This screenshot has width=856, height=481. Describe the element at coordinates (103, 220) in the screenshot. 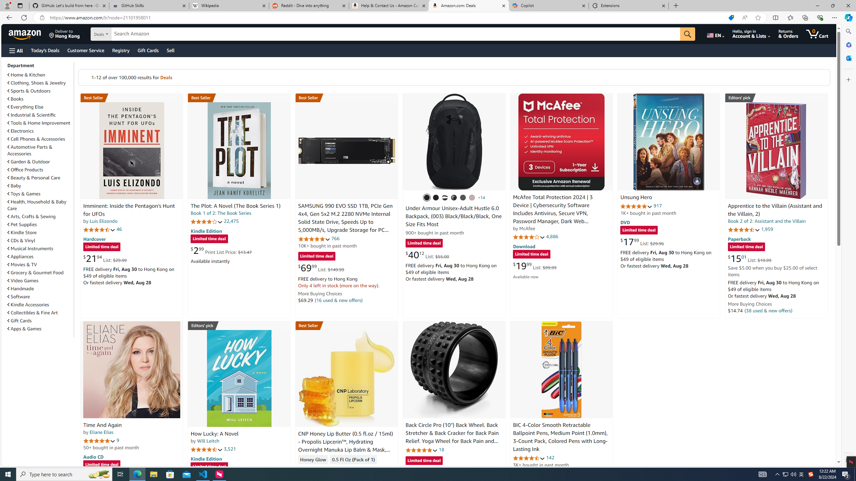

I see `'Luis Elizondo'` at that location.